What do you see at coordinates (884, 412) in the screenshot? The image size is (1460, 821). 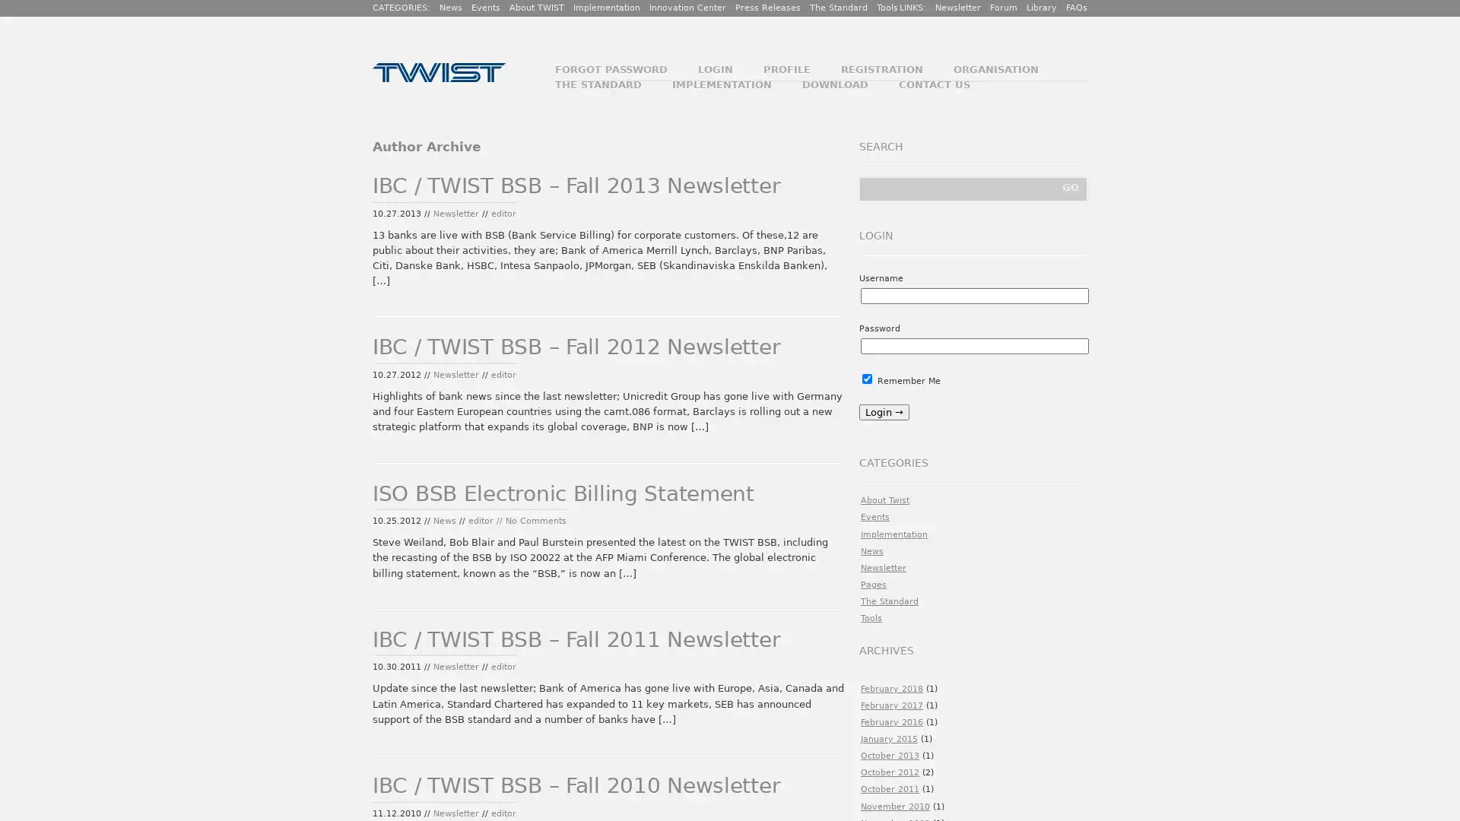 I see `Login` at bounding box center [884, 412].